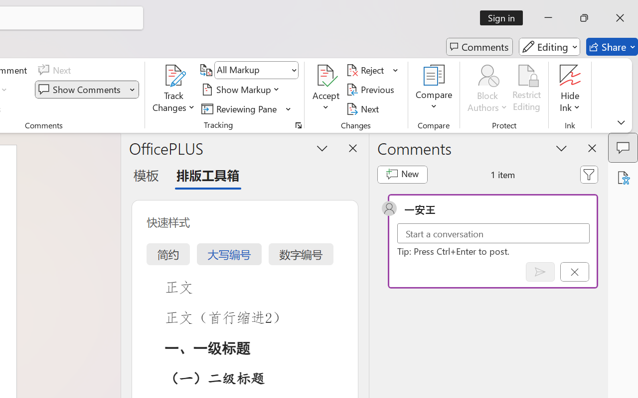 The width and height of the screenshot is (638, 398). Describe the element at coordinates (241, 108) in the screenshot. I see `'Reviewing Pane'` at that location.